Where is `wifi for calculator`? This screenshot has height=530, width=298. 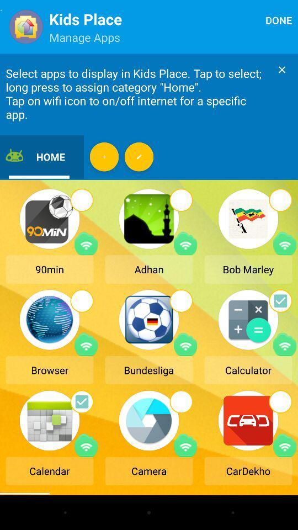
wifi for calculator is located at coordinates (285, 344).